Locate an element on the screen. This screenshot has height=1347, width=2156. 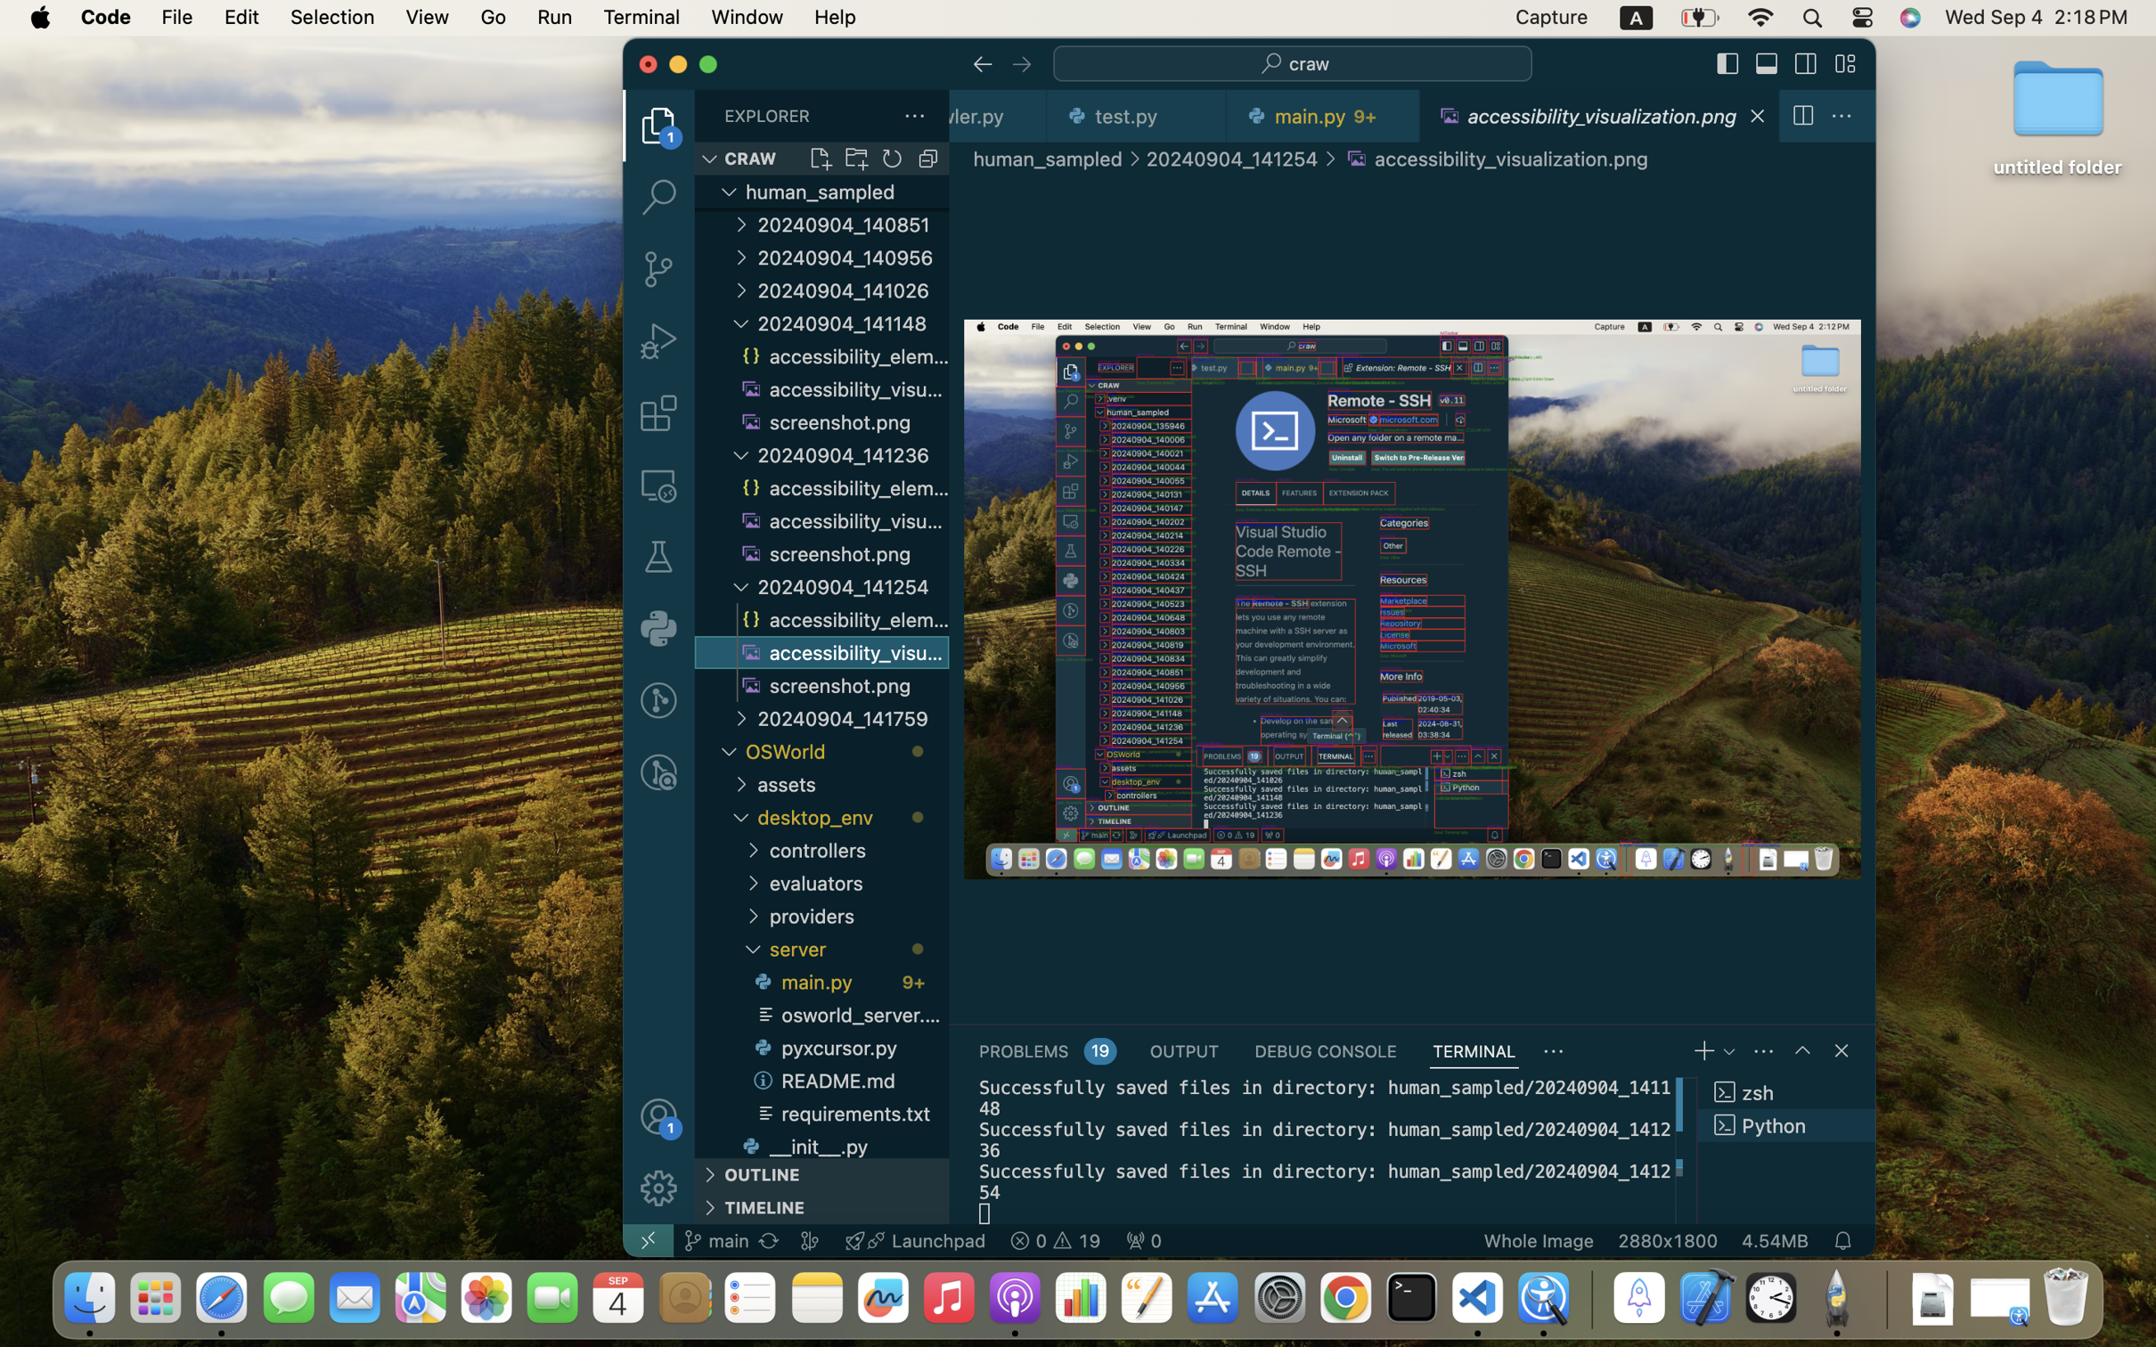
'' is located at coordinates (1844, 63).